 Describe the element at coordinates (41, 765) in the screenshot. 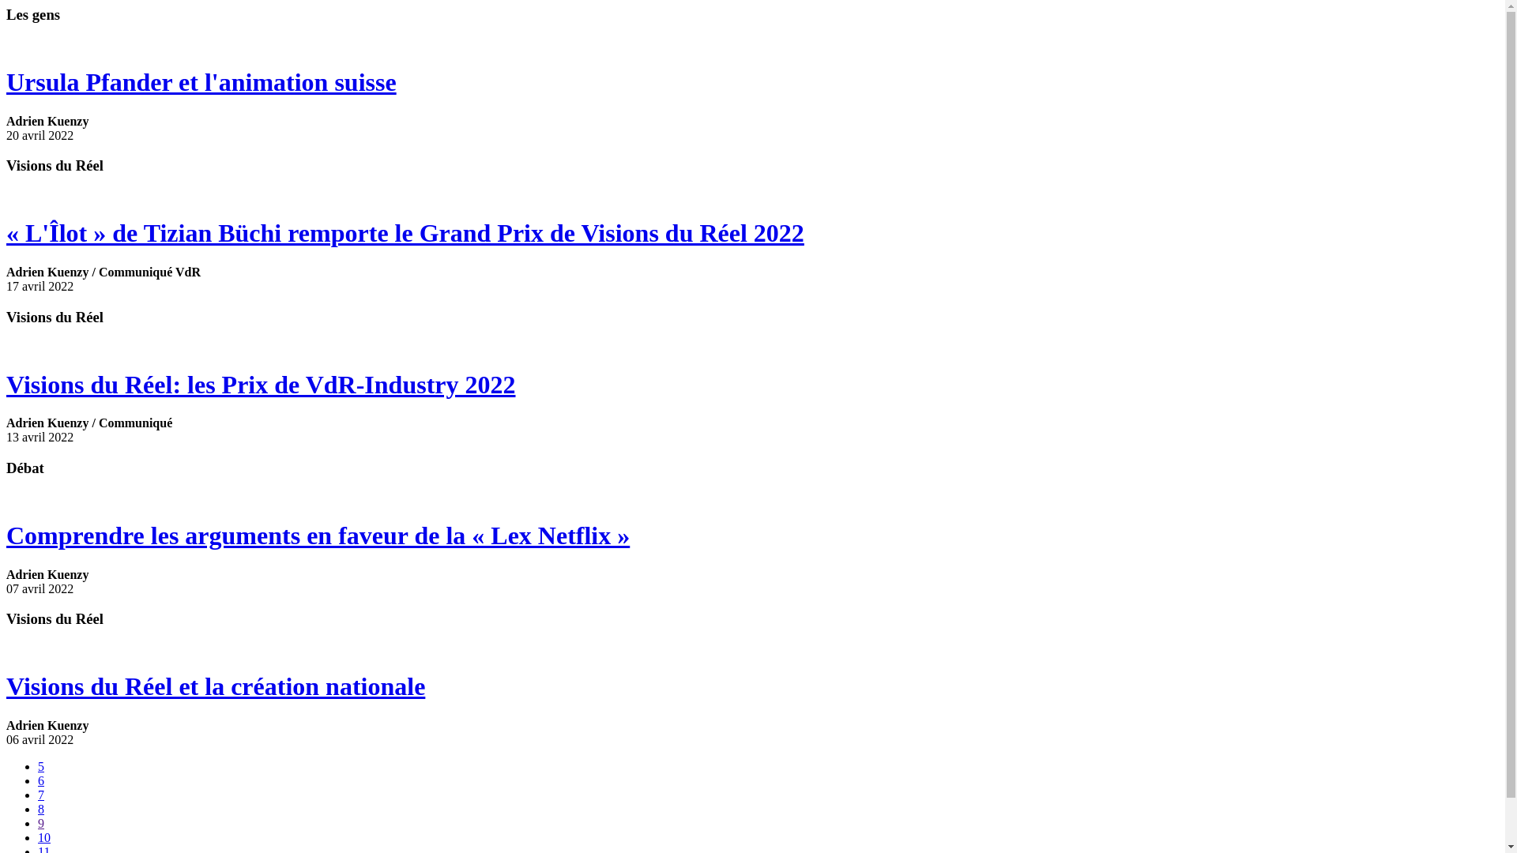

I see `'5'` at that location.